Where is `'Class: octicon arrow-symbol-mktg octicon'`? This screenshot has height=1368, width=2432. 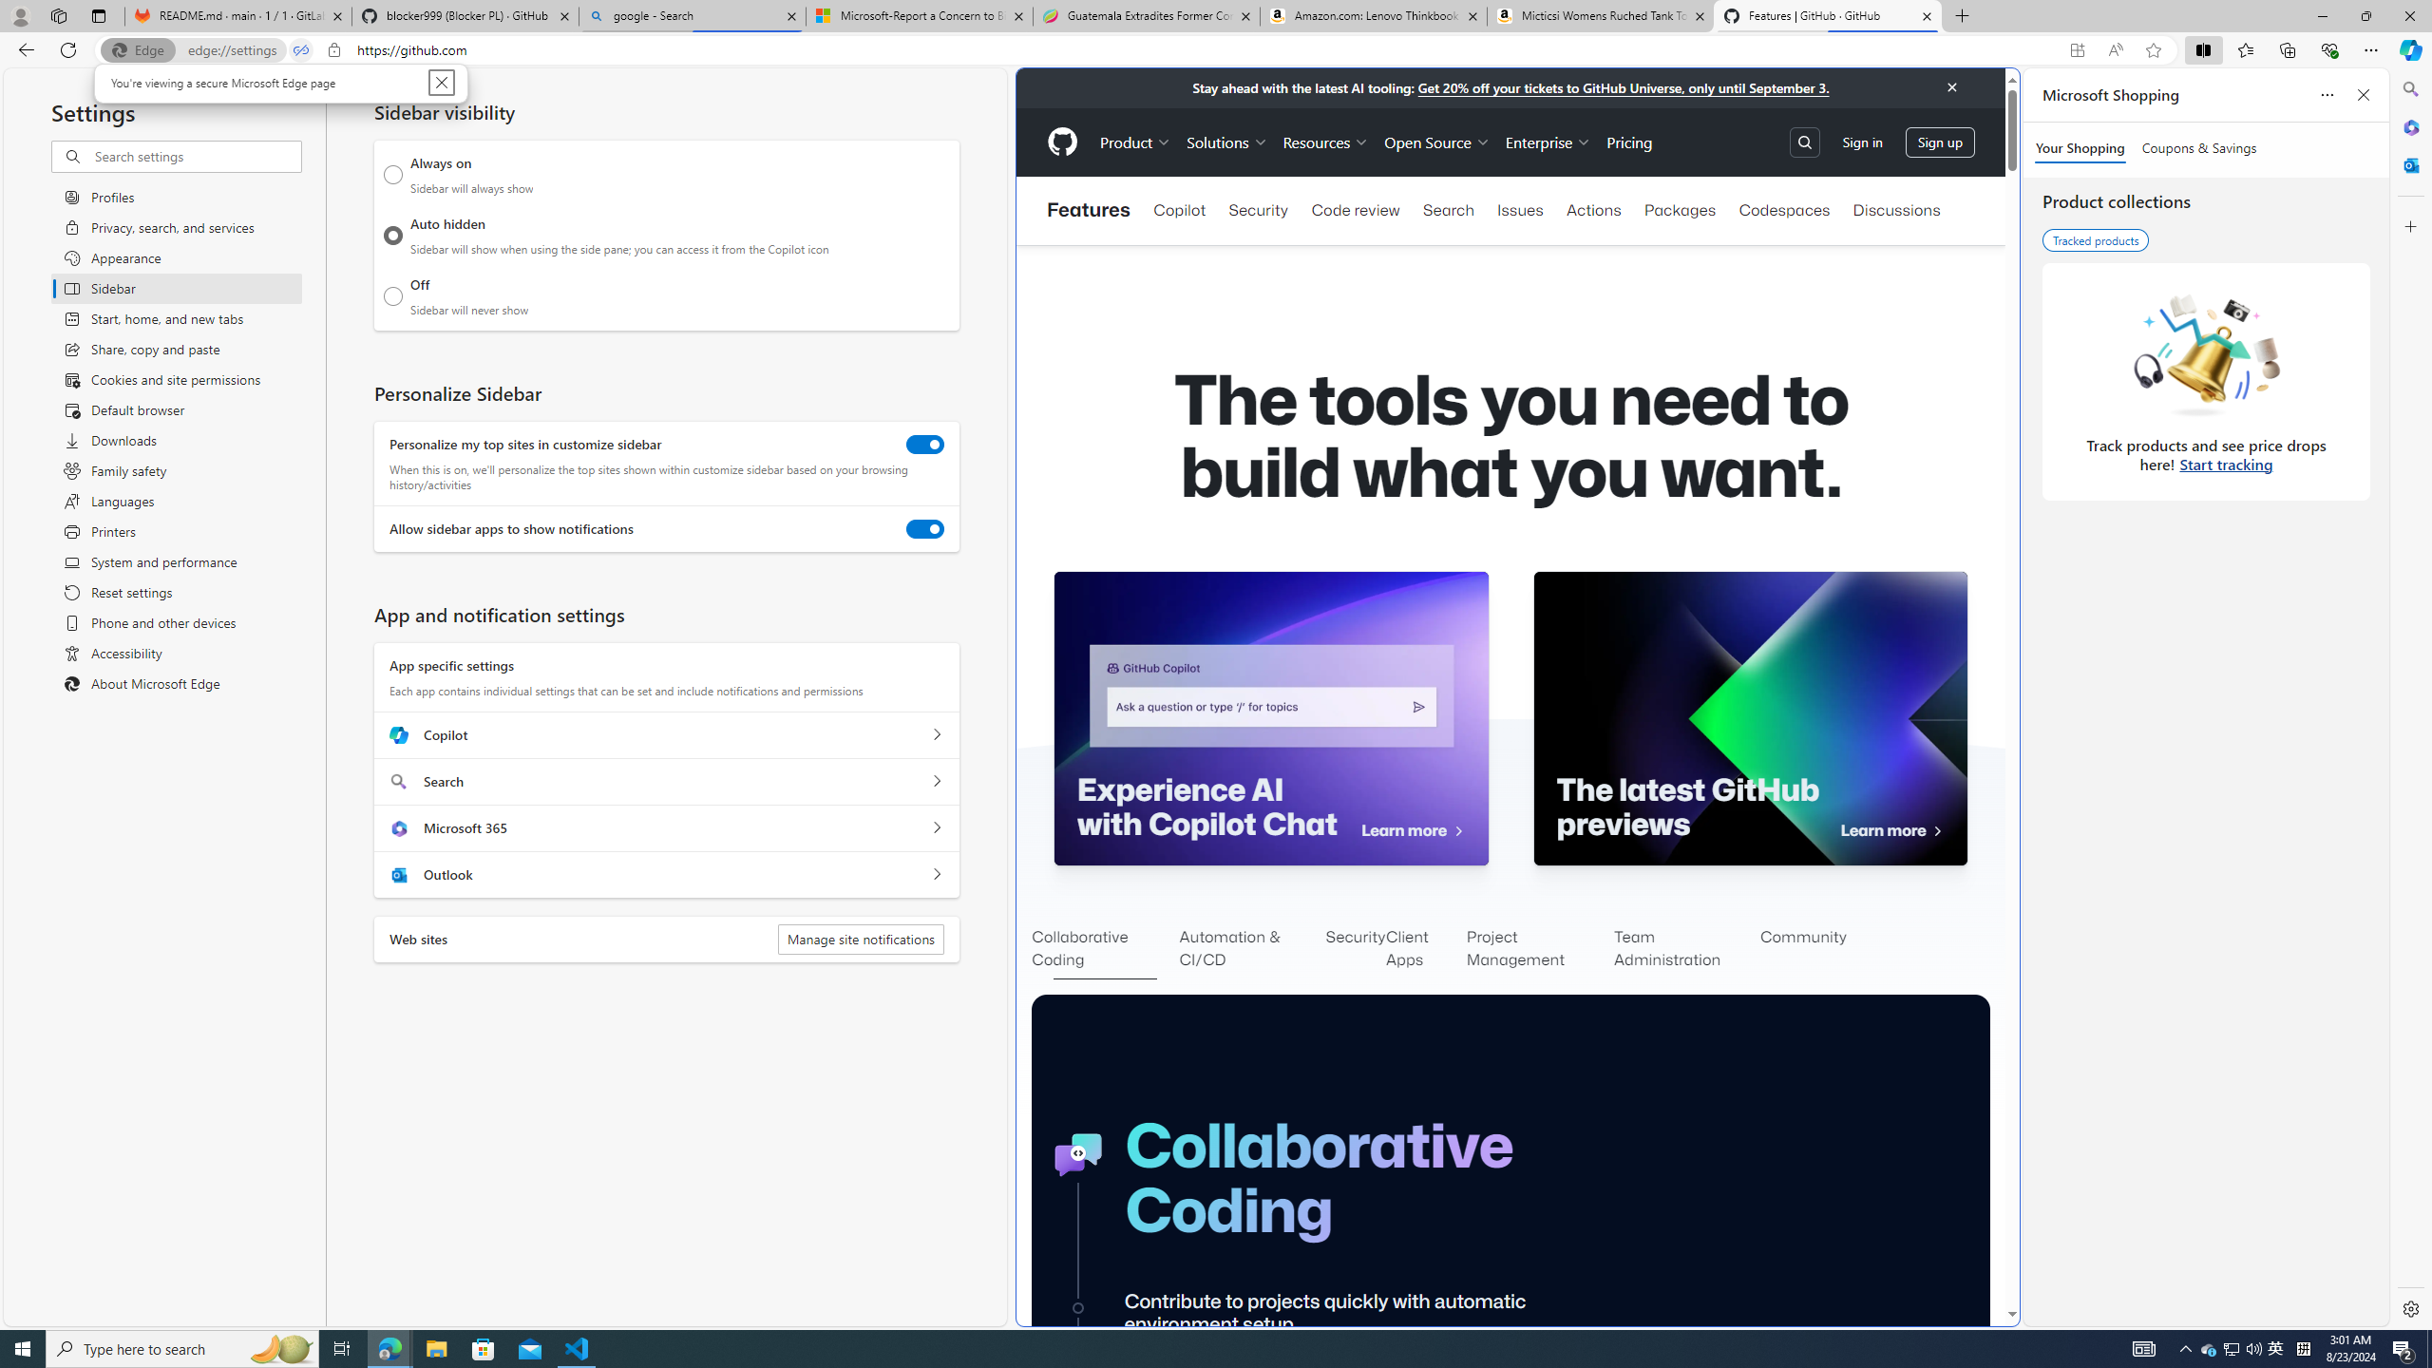 'Class: octicon arrow-symbol-mktg octicon' is located at coordinates (1936, 830).